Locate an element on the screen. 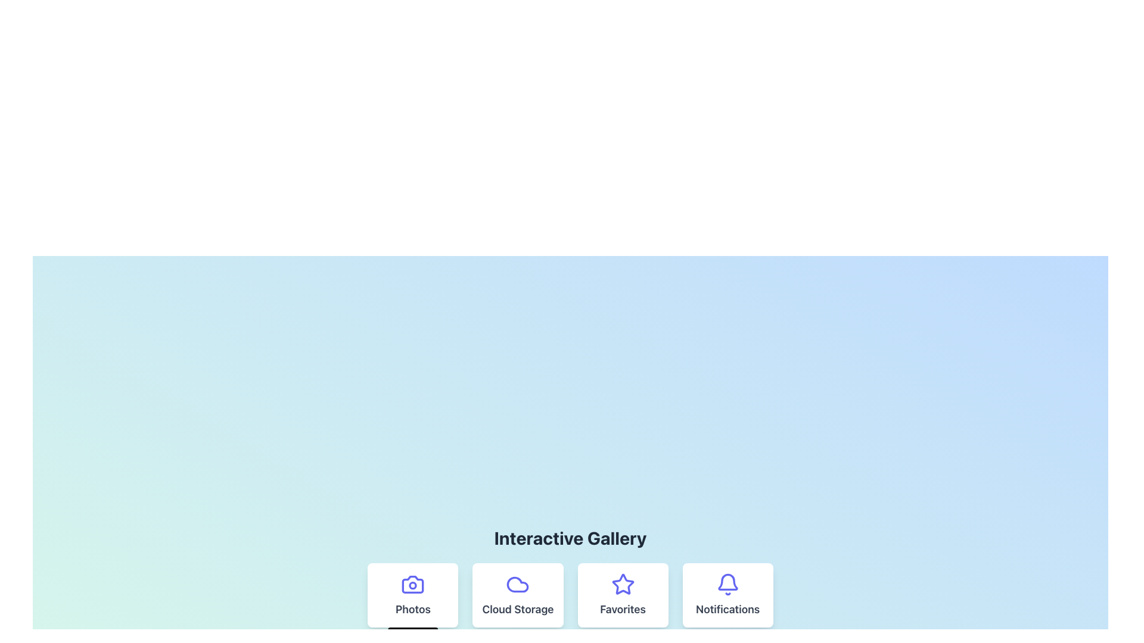 The image size is (1144, 643). the decorative star icon styled in indigo, which is part of the 'Favorites' button is located at coordinates (622, 584).